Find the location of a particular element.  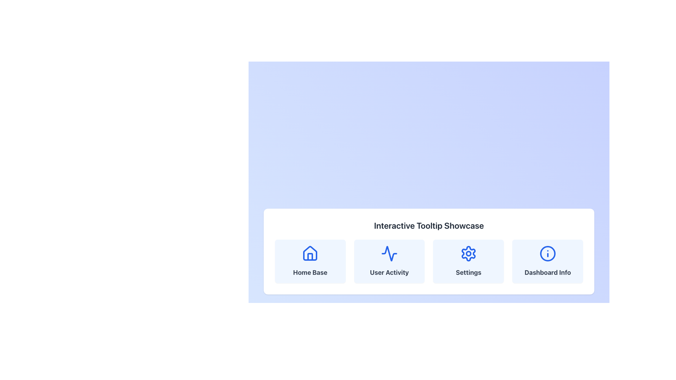

the visual informational card labeled 'Dashboard Info', which features a blue background and an 'i' icon, located at the far right of the dashboard options grid is located at coordinates (547, 261).